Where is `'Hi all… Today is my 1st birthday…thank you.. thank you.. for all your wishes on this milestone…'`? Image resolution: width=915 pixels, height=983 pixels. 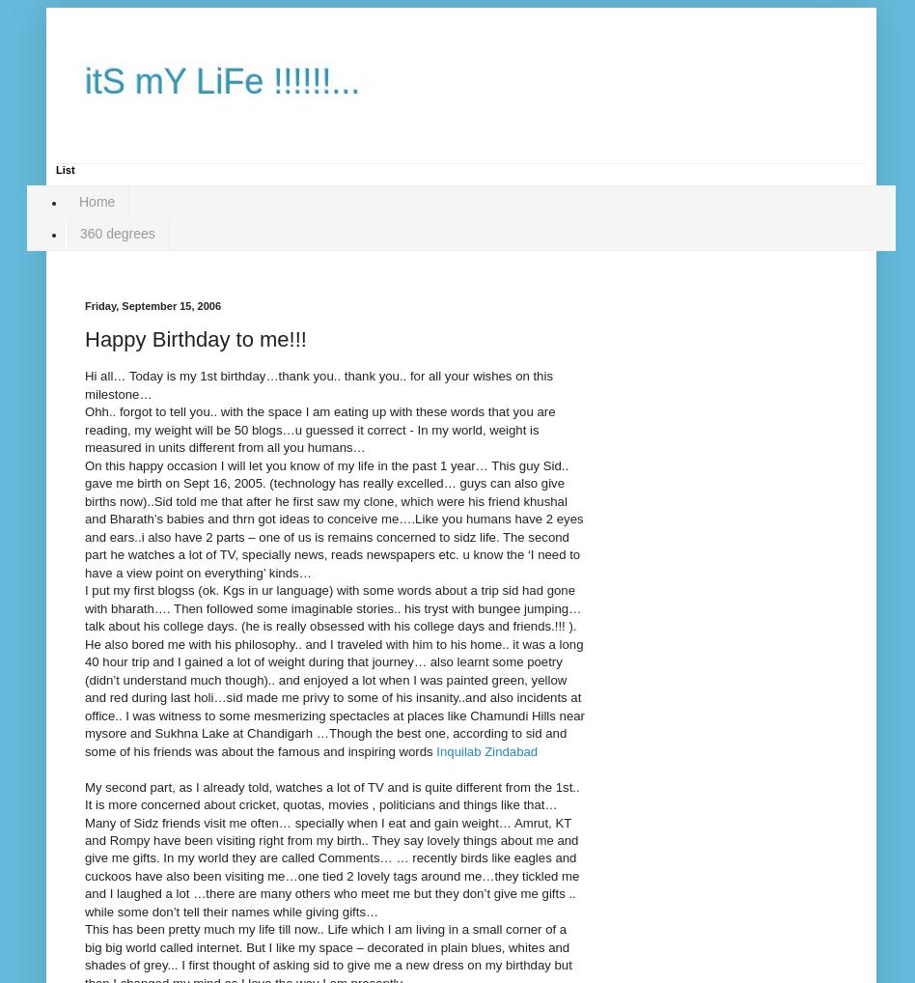 'Hi all… Today is my 1st birthday…thank you.. thank you.. for all your wishes on this milestone…' is located at coordinates (318, 384).